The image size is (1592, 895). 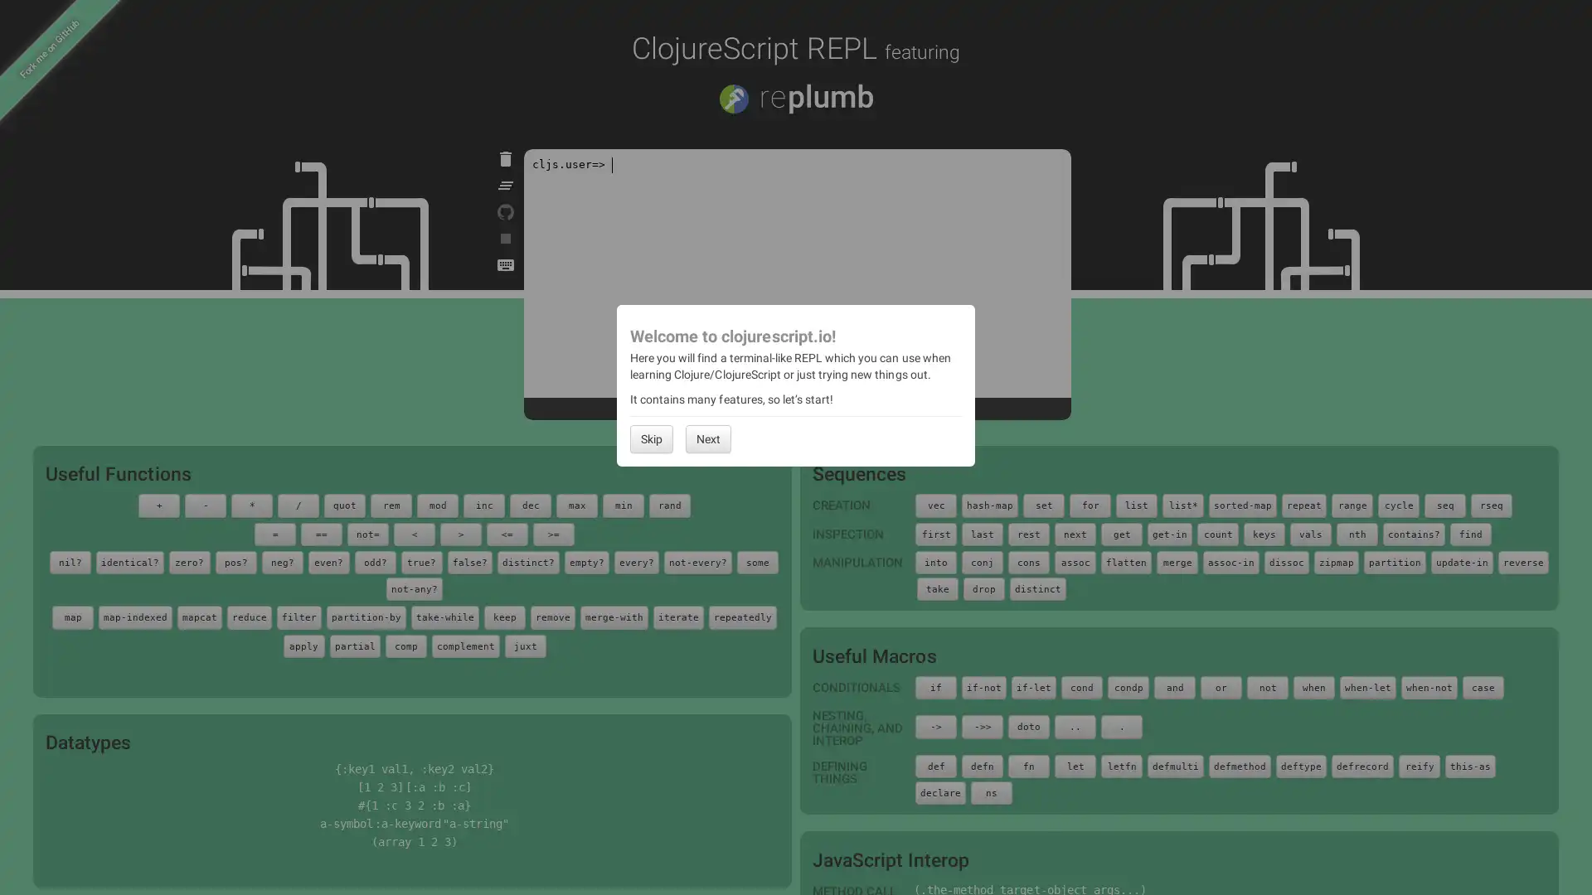 I want to click on true?, so click(x=421, y=561).